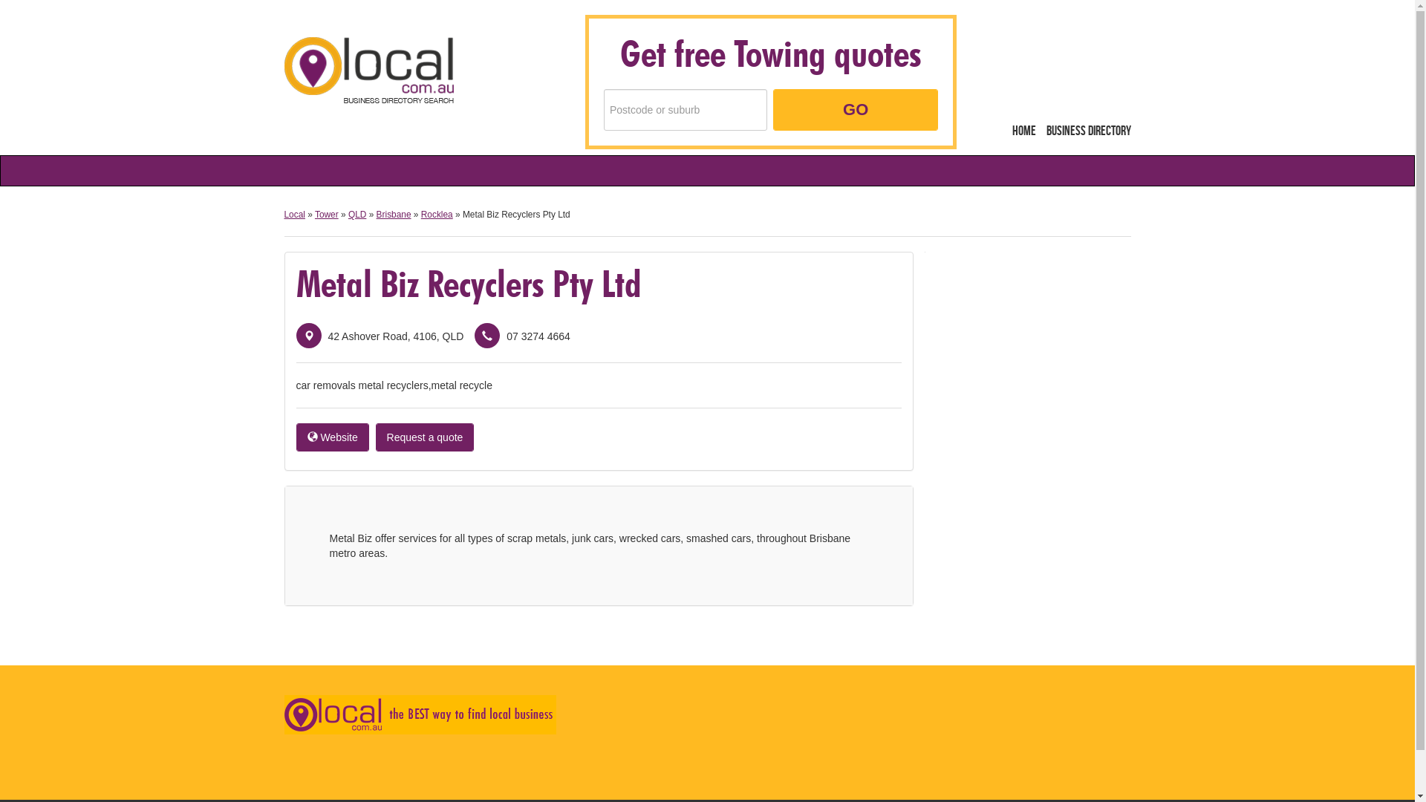 The height and width of the screenshot is (802, 1426). What do you see at coordinates (436, 215) in the screenshot?
I see `'Rocklea'` at bounding box center [436, 215].